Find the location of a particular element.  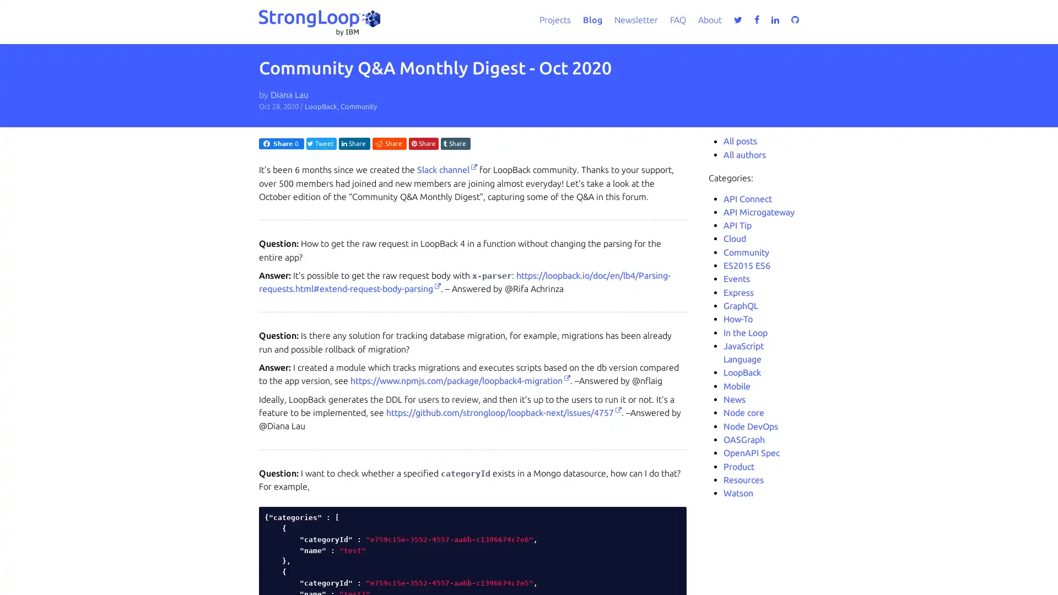

close icon is located at coordinates (1049, 511).